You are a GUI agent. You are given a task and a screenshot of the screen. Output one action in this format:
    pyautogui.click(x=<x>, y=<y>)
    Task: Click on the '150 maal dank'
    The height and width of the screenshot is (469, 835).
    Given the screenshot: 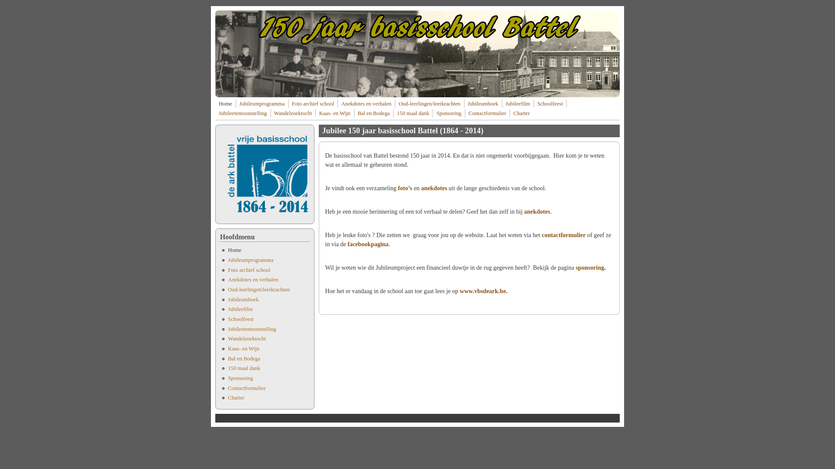 What is the action you would take?
    pyautogui.click(x=413, y=113)
    